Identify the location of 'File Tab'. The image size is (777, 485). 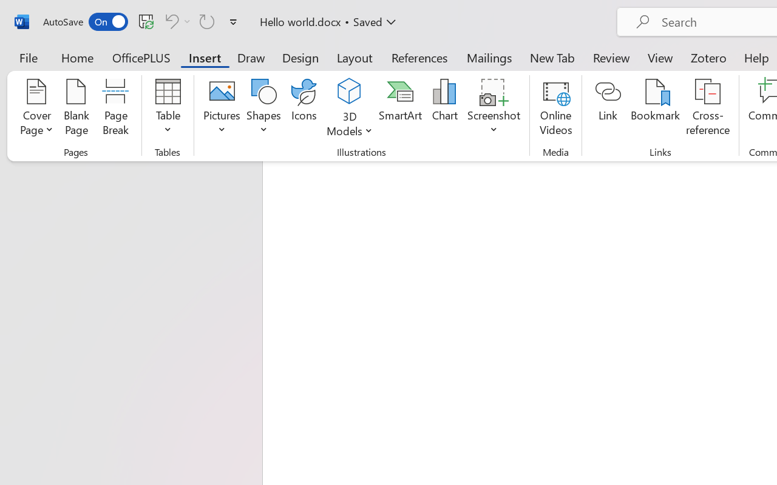
(28, 57).